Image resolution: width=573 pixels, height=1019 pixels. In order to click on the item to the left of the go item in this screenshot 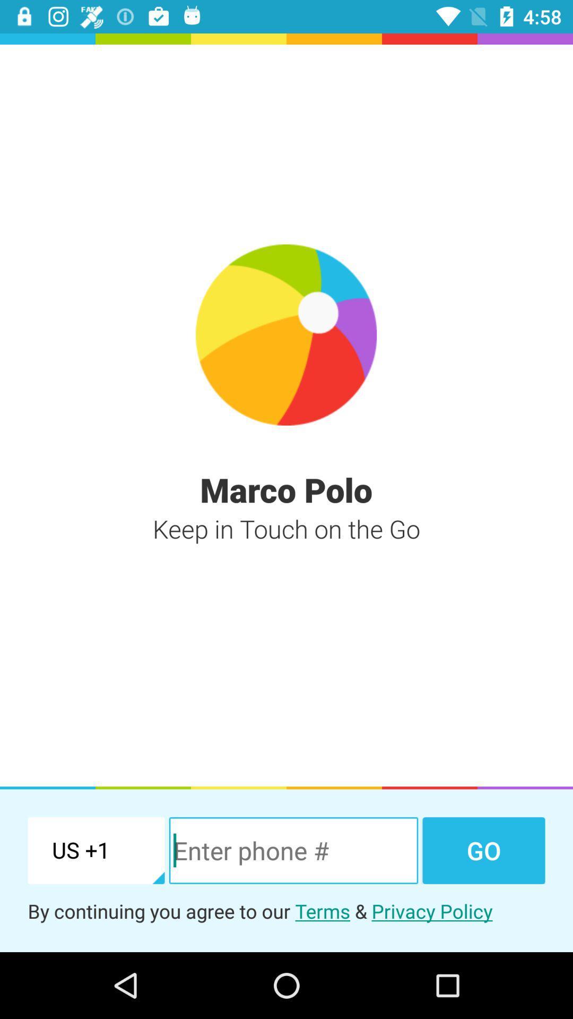, I will do `click(293, 850)`.